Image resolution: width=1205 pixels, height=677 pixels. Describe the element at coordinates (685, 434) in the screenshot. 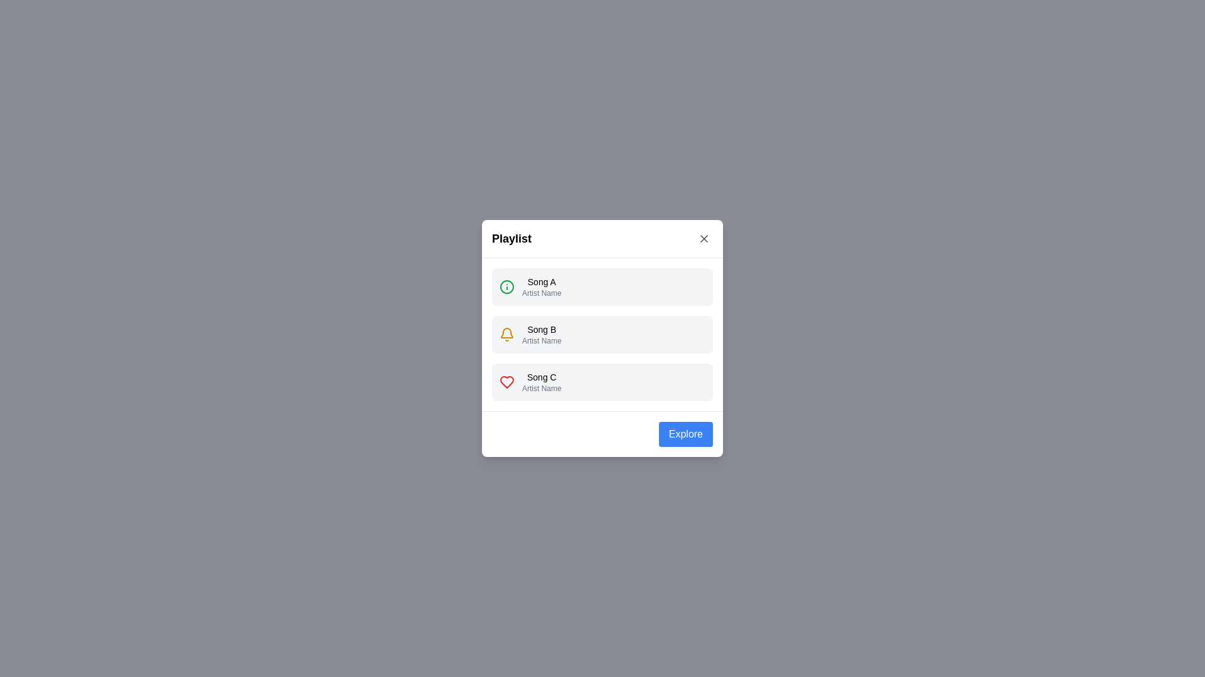

I see `the button located at the bottom-right corner of the modal window titled 'Playlist' to trigger potential hover effects` at that location.